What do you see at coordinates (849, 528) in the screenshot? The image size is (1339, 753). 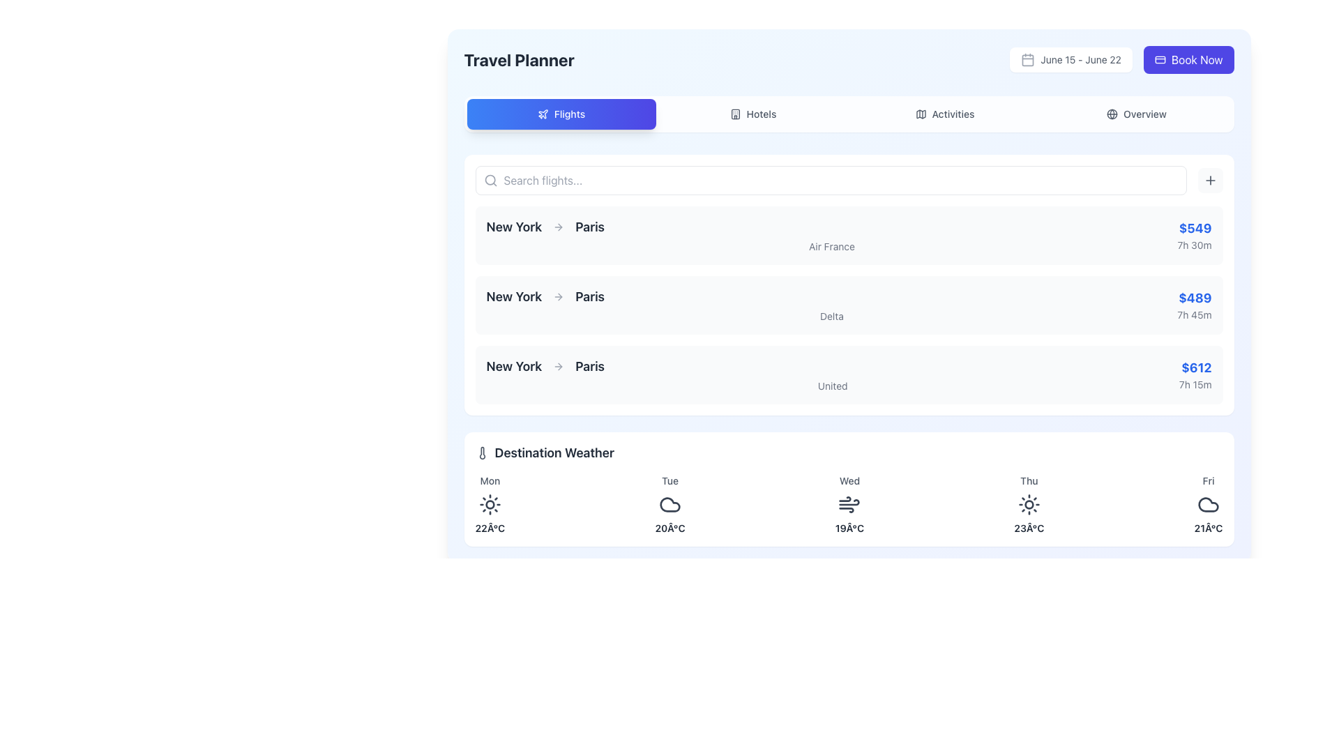 I see `the static text element displaying '19Â°C' in the weather forecast panel under 'Wed'` at bounding box center [849, 528].